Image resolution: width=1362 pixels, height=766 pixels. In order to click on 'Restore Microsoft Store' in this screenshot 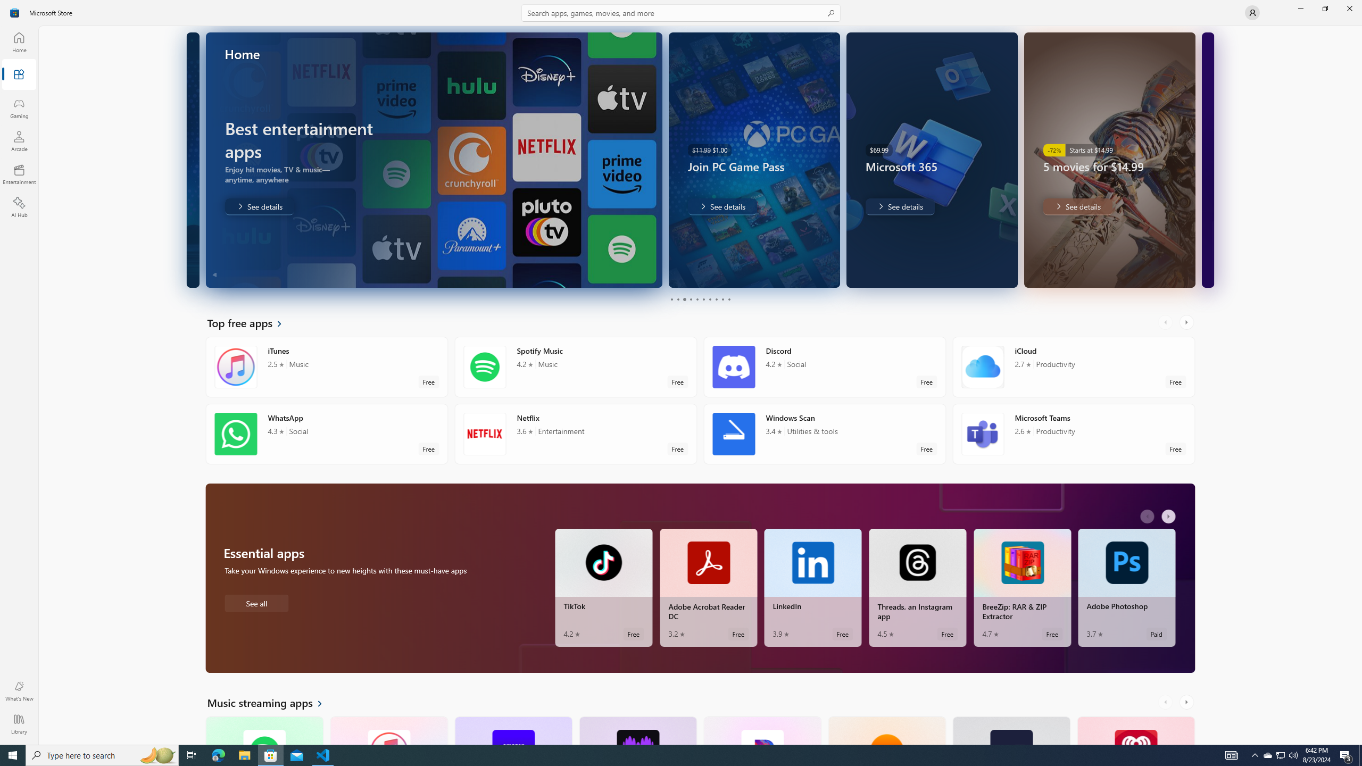, I will do `click(1325, 8)`.